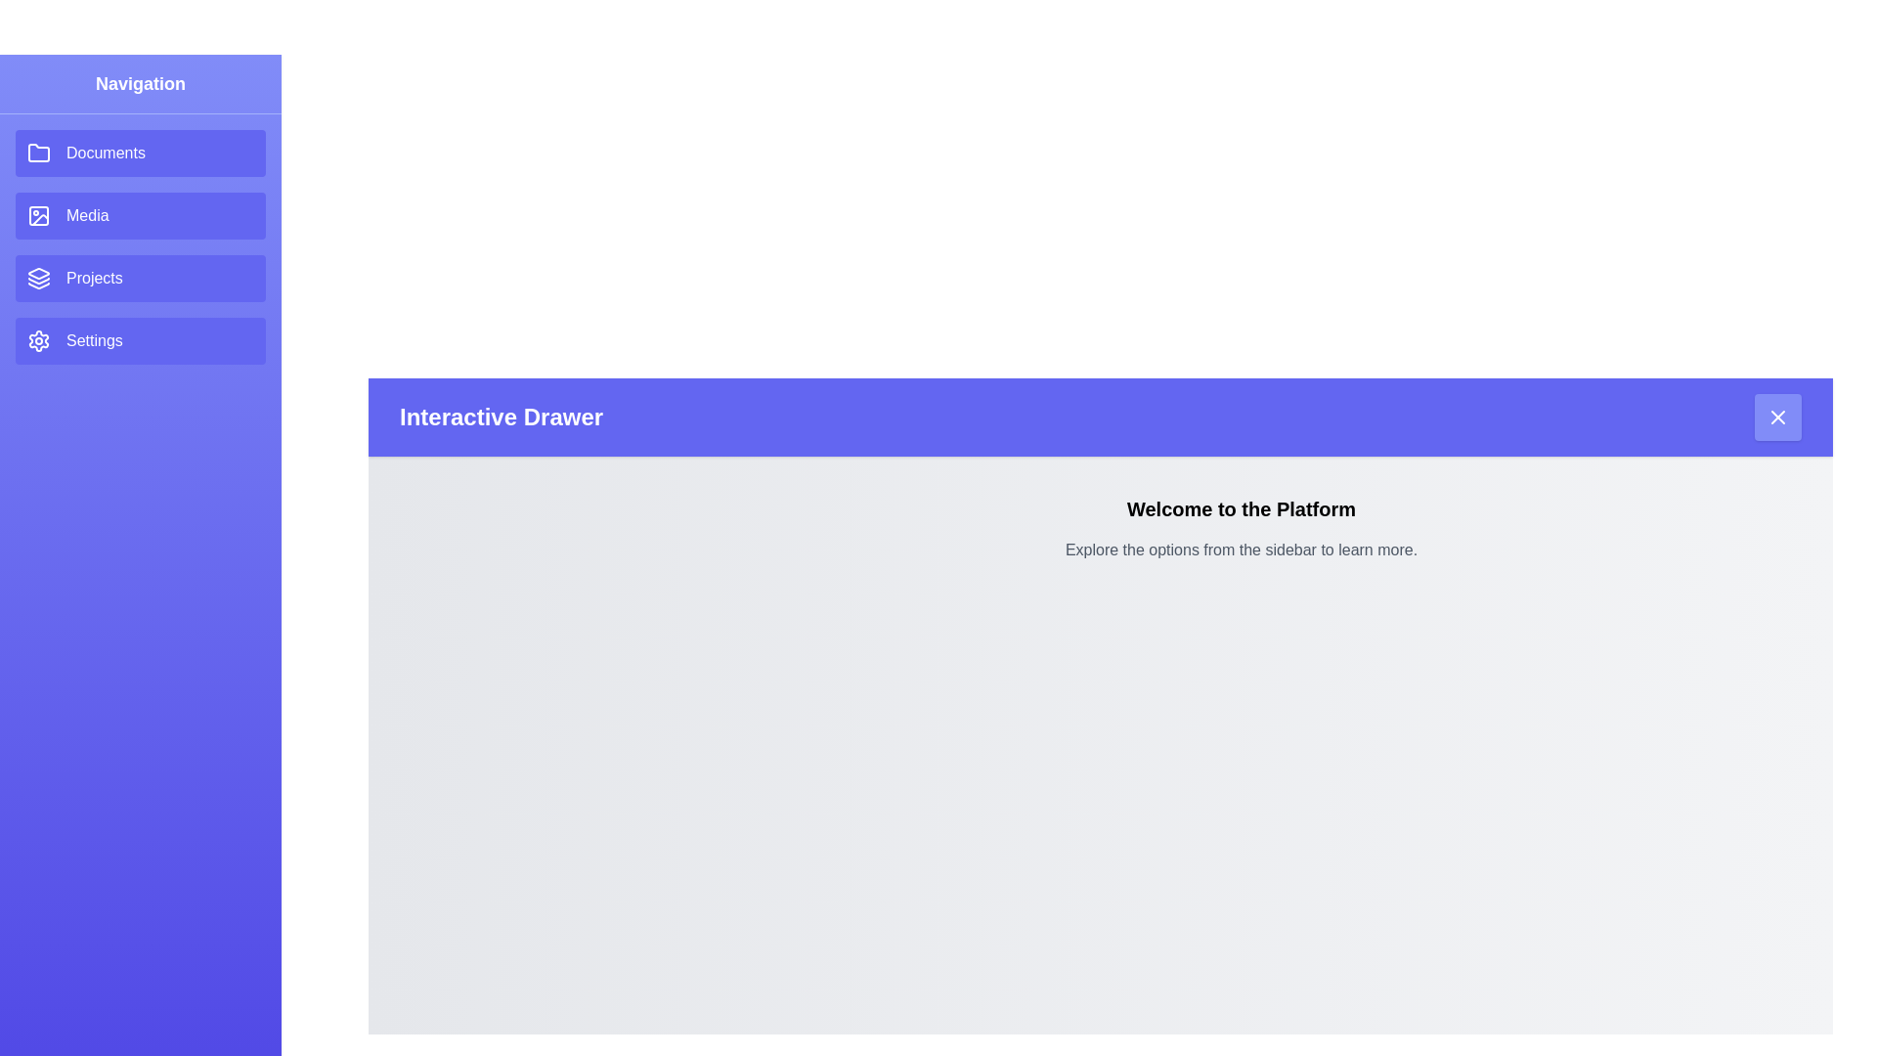  I want to click on the drawer item Documents, so click(140, 153).